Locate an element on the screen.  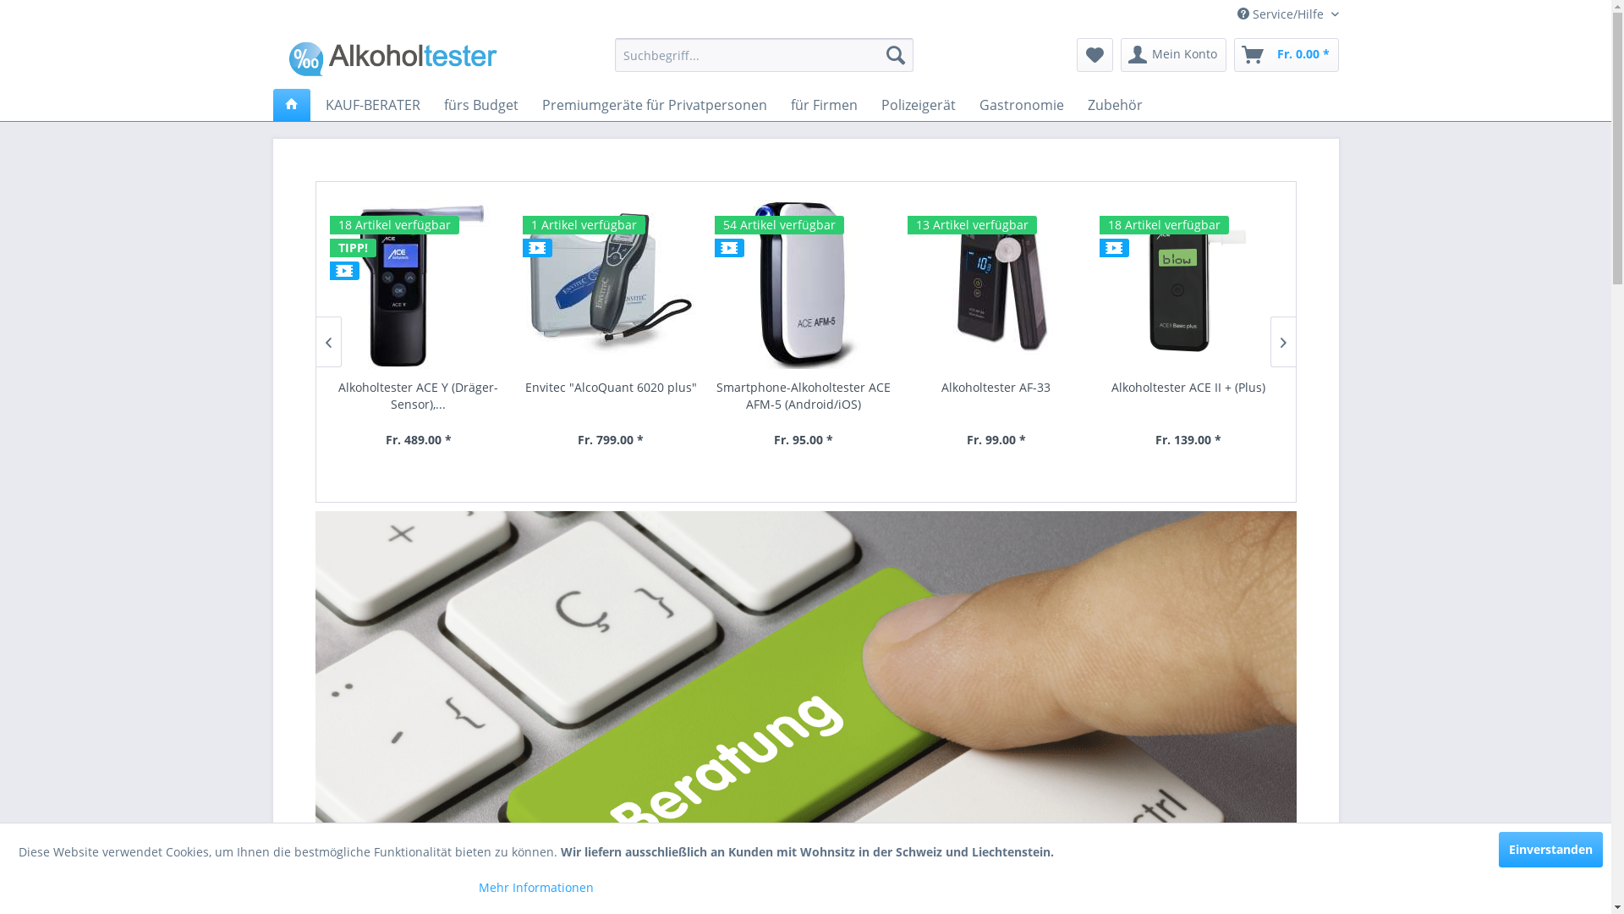
'Mehr Informationen' is located at coordinates (535, 886).